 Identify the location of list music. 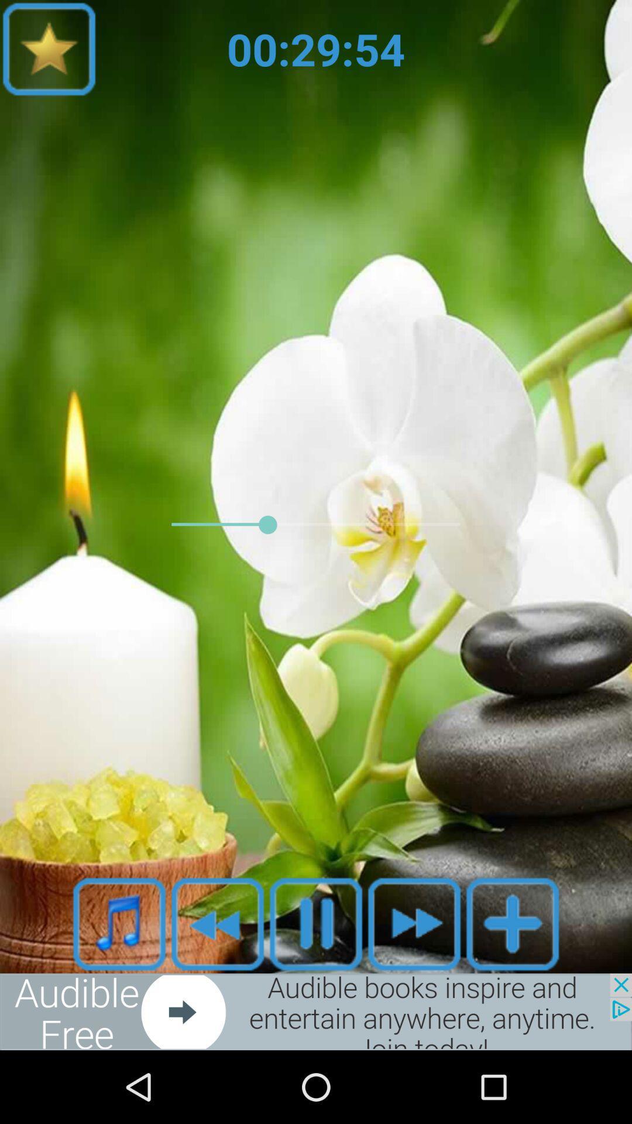
(119, 923).